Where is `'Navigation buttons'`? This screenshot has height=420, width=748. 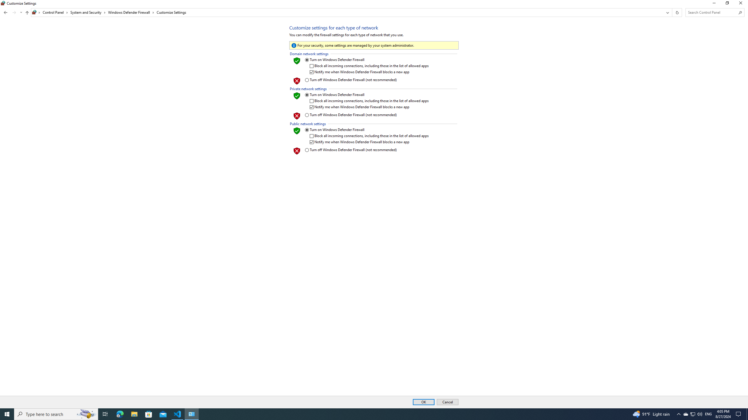 'Navigation buttons' is located at coordinates (12, 12).